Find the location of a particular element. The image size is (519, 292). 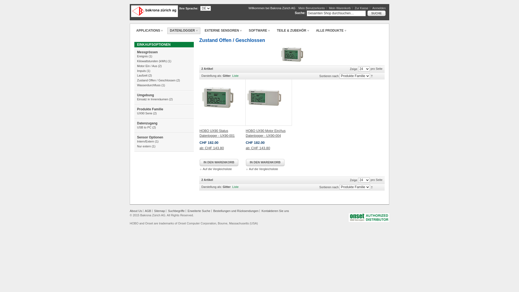

'Kilowattstunden (kWh)' is located at coordinates (151, 61).